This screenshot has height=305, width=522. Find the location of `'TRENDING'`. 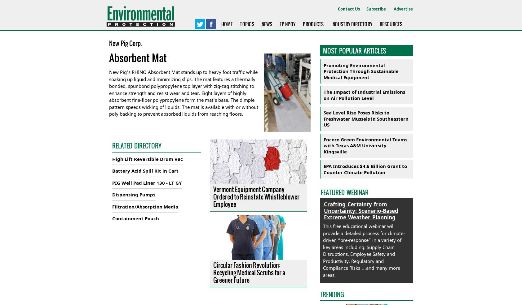

'TRENDING' is located at coordinates (332, 294).